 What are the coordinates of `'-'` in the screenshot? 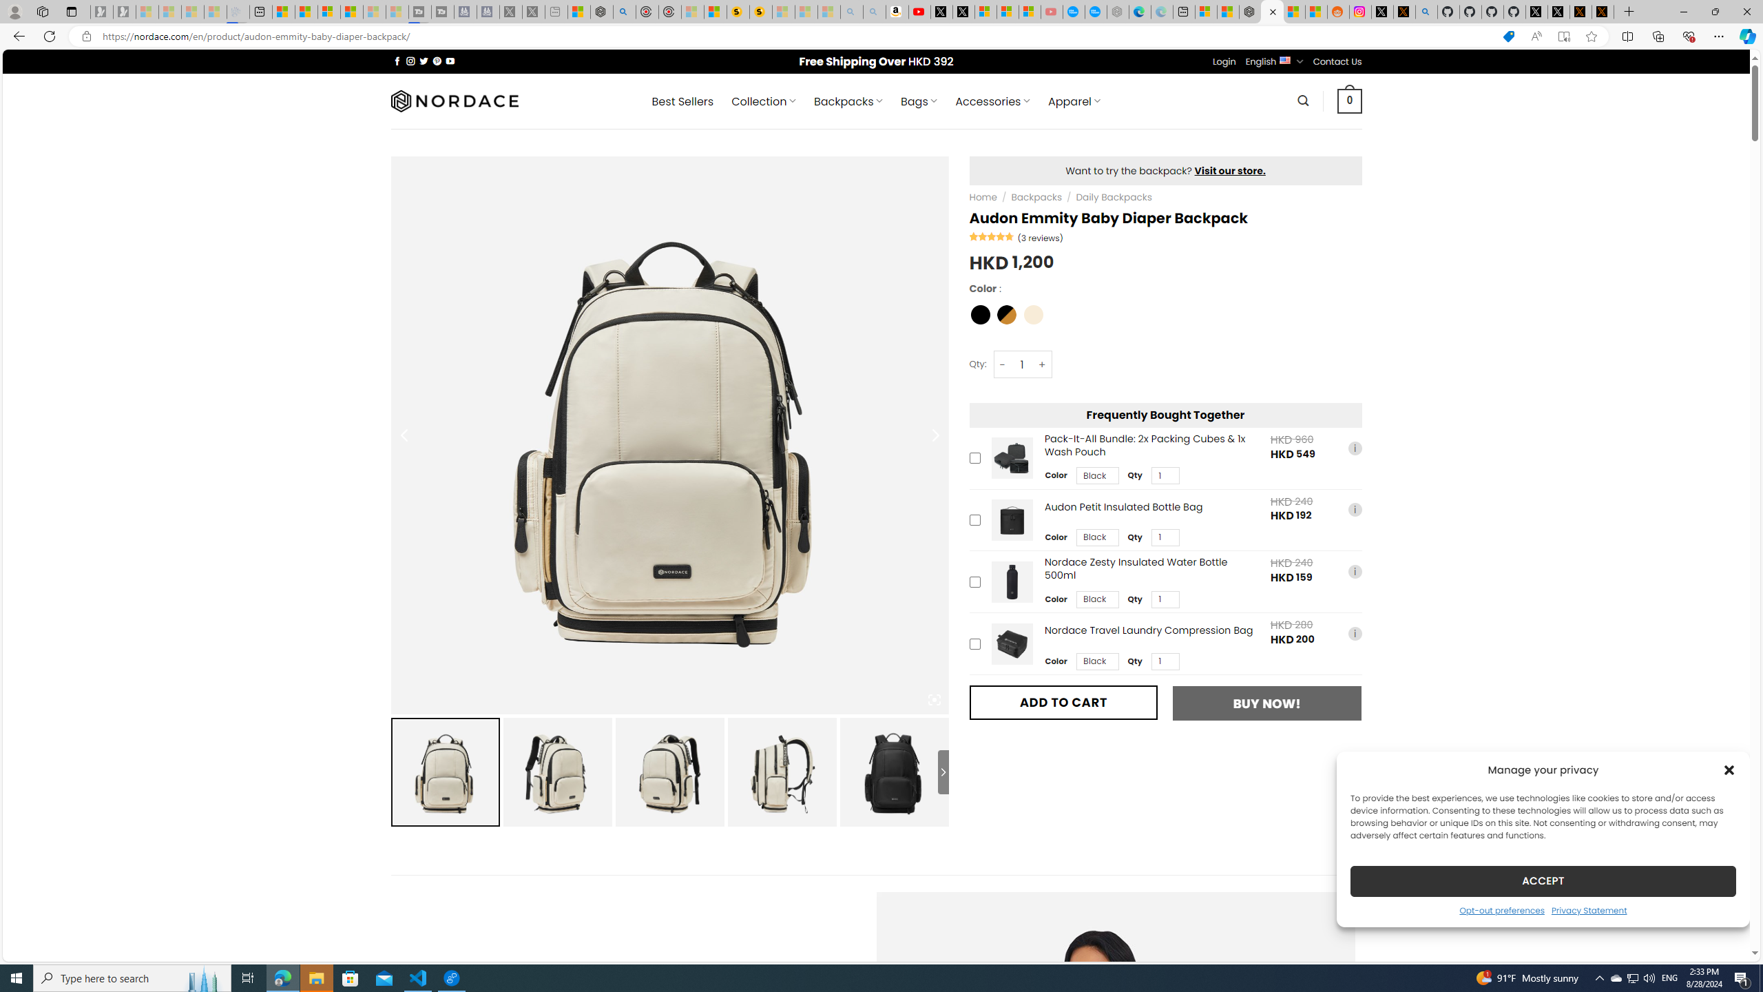 It's located at (1002, 364).